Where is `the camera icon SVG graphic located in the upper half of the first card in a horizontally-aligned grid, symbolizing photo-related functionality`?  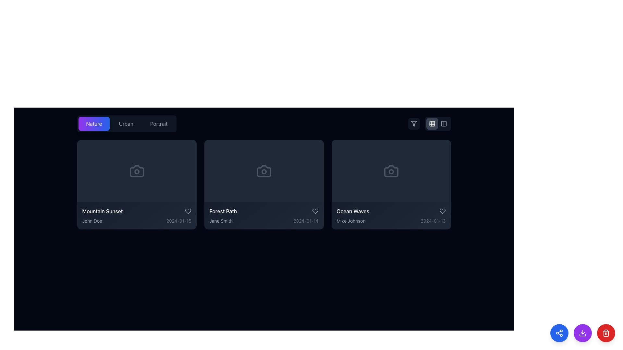
the camera icon SVG graphic located in the upper half of the first card in a horizontally-aligned grid, symbolizing photo-related functionality is located at coordinates (136, 171).